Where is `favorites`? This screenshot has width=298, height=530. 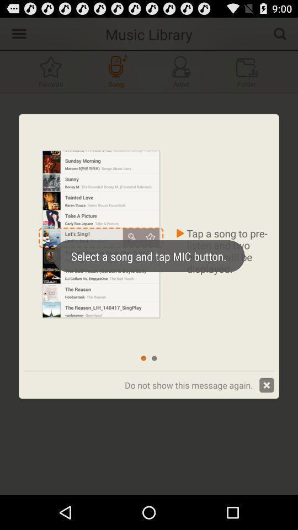 favorites is located at coordinates (50, 71).